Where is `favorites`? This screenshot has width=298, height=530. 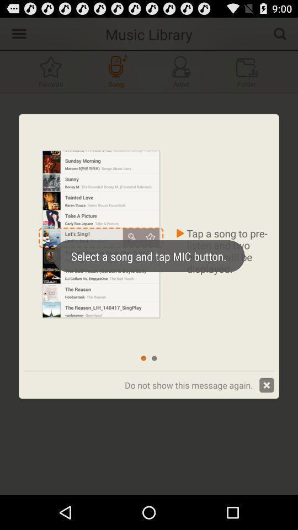 favorites is located at coordinates (50, 71).